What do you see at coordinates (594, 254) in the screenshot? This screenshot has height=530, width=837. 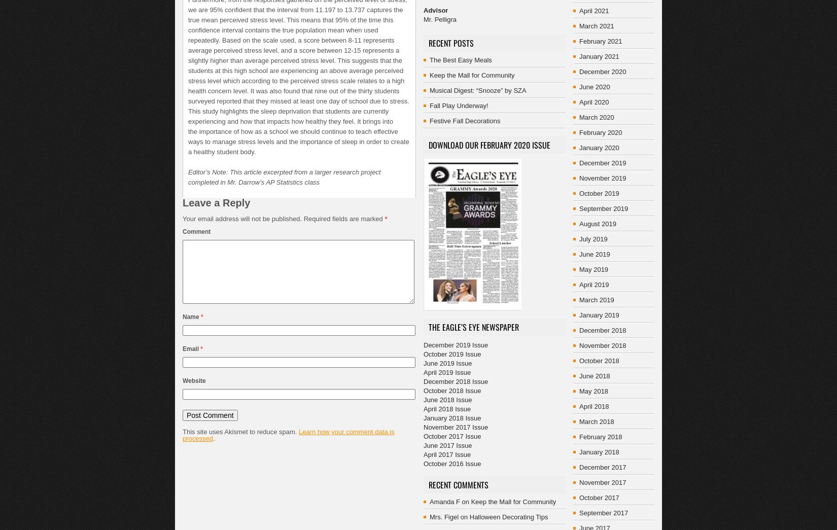 I see `'June 2019'` at bounding box center [594, 254].